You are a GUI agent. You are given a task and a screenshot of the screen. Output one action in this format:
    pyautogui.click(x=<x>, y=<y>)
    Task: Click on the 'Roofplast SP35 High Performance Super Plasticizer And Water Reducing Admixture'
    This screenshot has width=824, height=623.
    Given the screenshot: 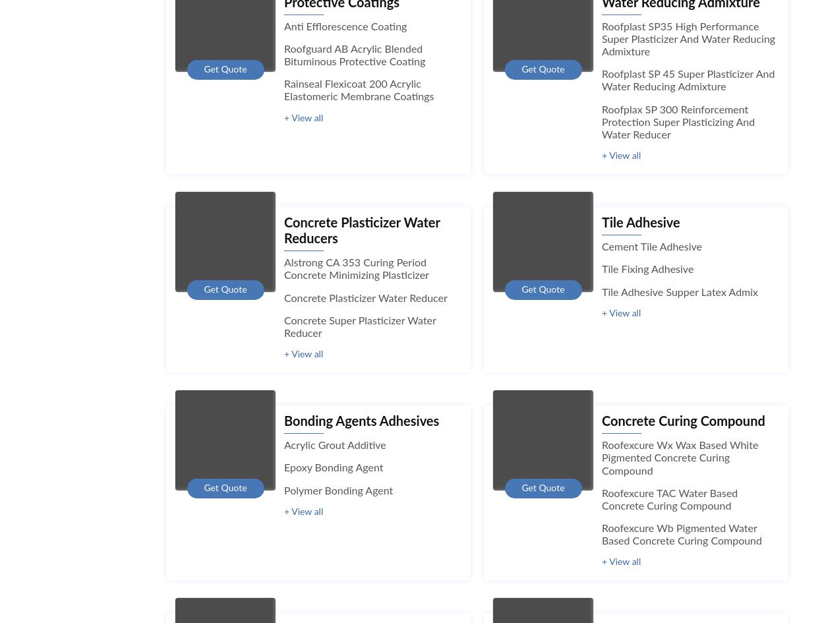 What is the action you would take?
    pyautogui.click(x=688, y=39)
    